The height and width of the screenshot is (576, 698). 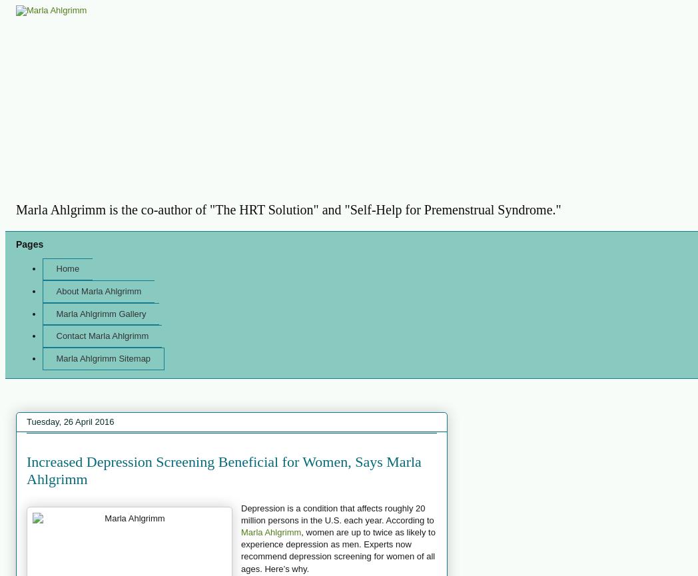 What do you see at coordinates (69, 422) in the screenshot?
I see `'Tuesday, 26 April 2016'` at bounding box center [69, 422].